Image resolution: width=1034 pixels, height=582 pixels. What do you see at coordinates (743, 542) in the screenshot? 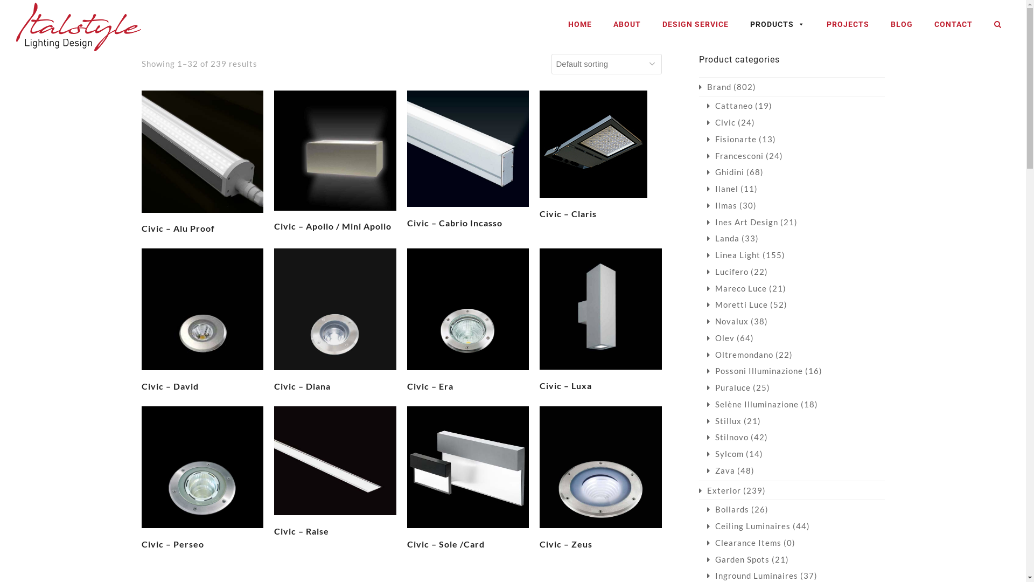
I see `'Clearance Items'` at bounding box center [743, 542].